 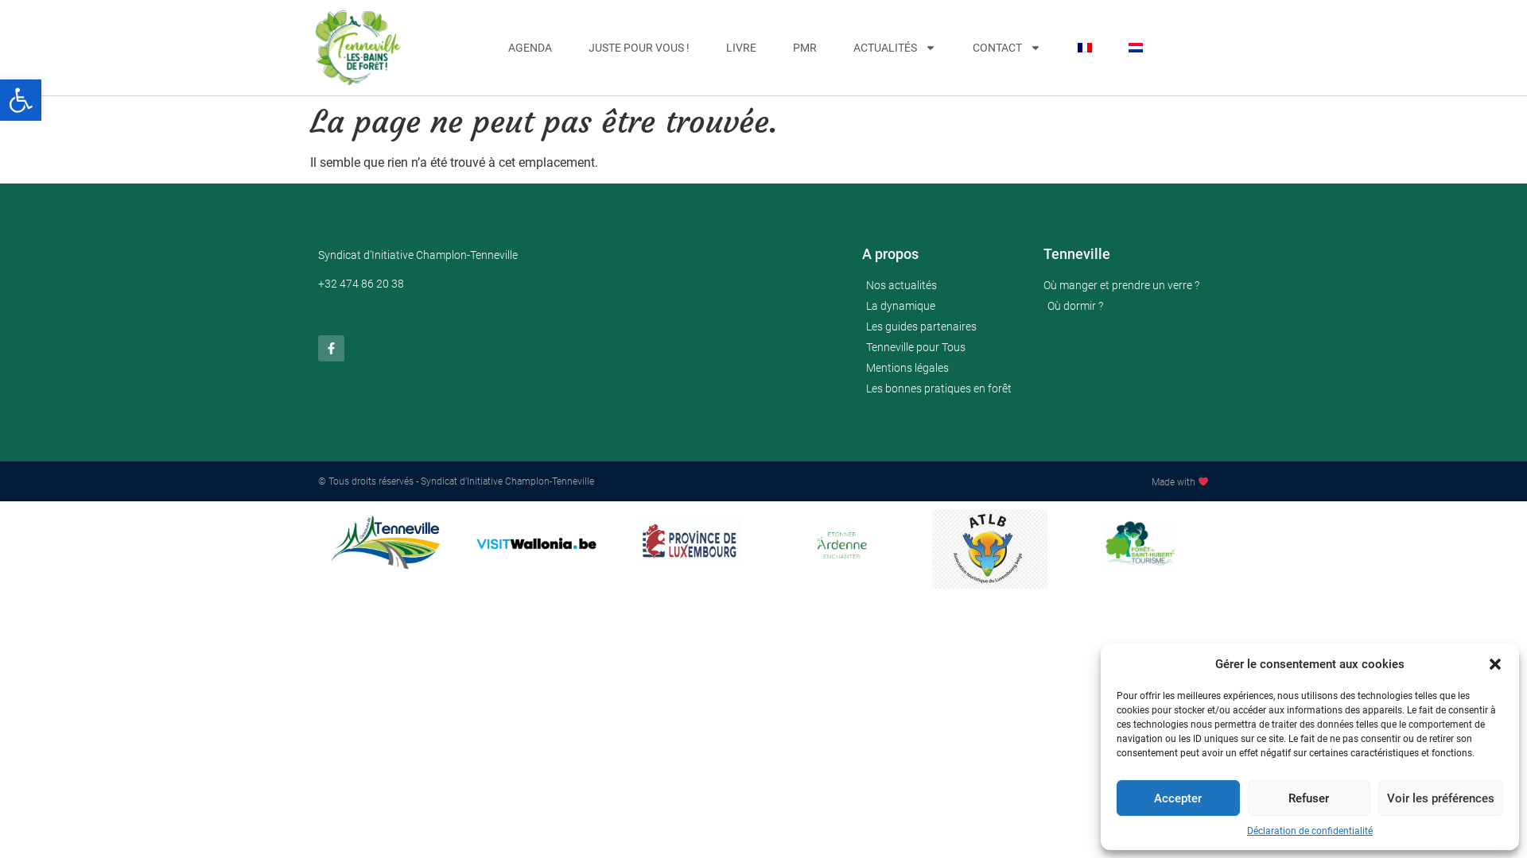 What do you see at coordinates (740, 47) in the screenshot?
I see `'LIVRE'` at bounding box center [740, 47].